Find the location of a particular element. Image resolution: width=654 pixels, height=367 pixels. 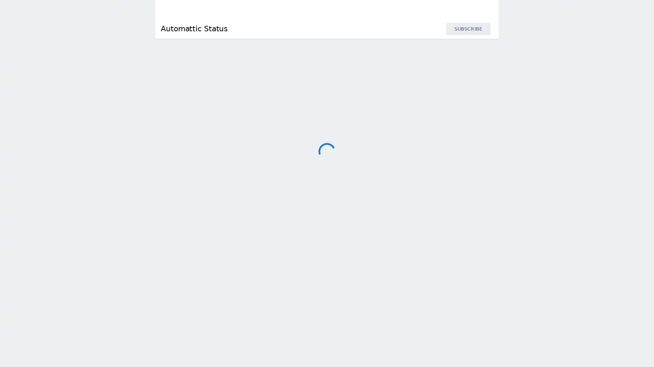

Jetpack Stats Response Time : 53 ms is located at coordinates (285, 267).